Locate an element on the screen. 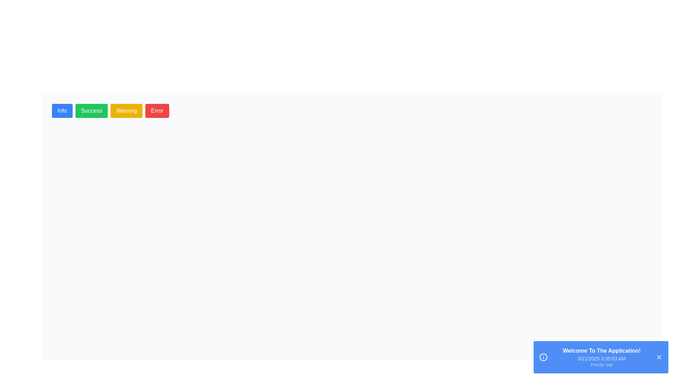  the information icon, which is a circular shape with a white 'i' symbol on a blue background, located in the bottom-right corner of the interface within the blue notification card is located at coordinates (543, 357).